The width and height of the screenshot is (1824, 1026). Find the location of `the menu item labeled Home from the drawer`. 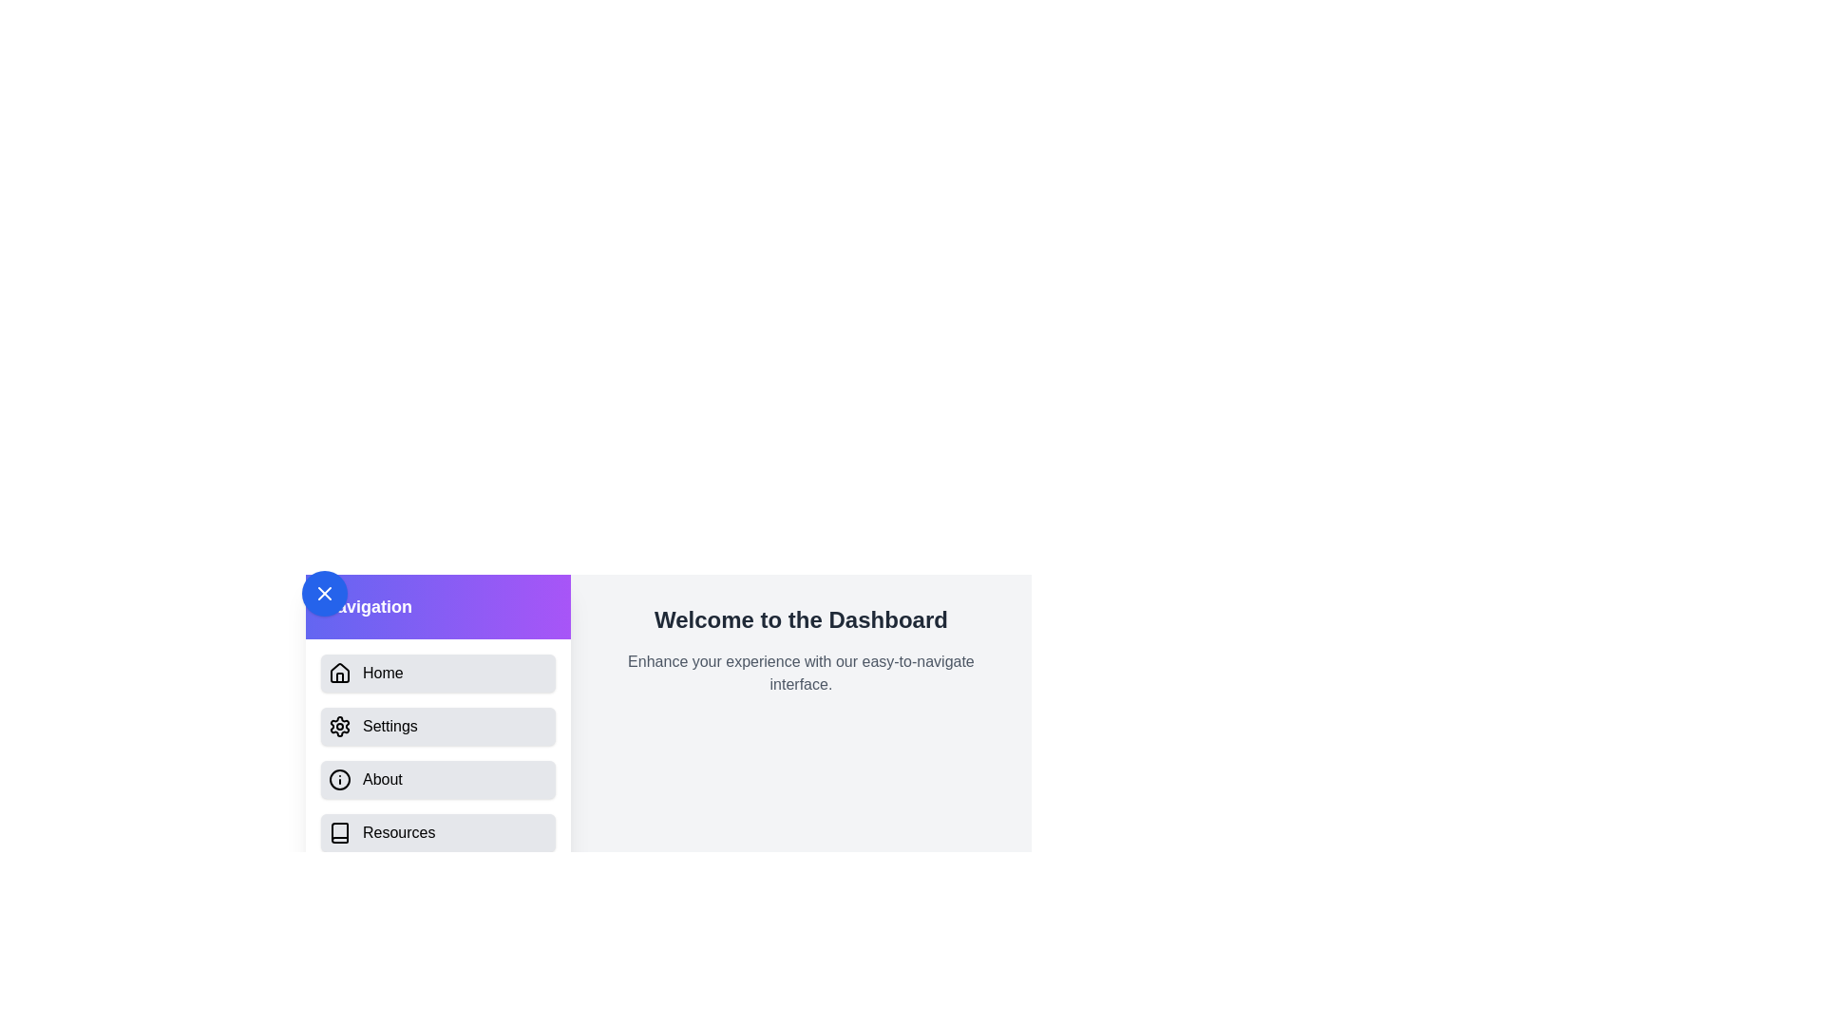

the menu item labeled Home from the drawer is located at coordinates (436, 673).